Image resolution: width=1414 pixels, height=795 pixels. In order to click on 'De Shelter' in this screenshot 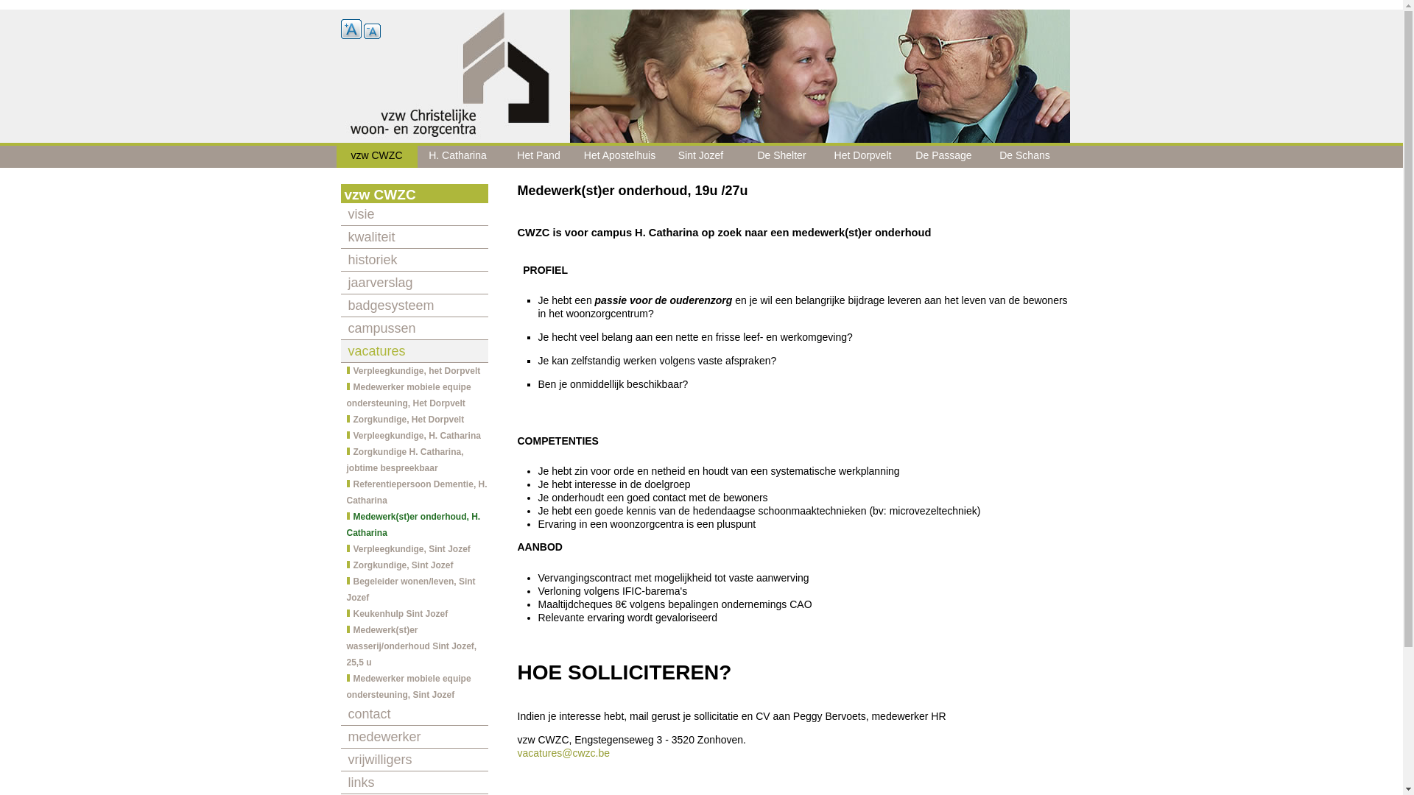, I will do `click(780, 155)`.